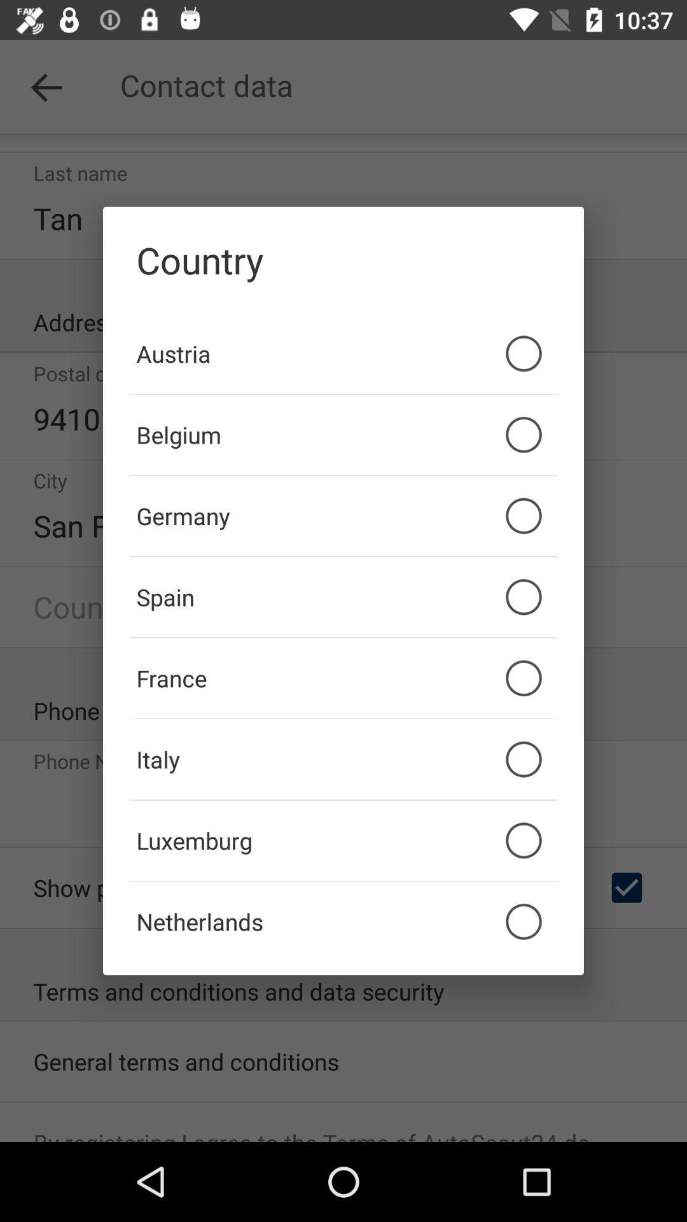  Describe the element at coordinates (343, 922) in the screenshot. I see `the netherlands icon` at that location.